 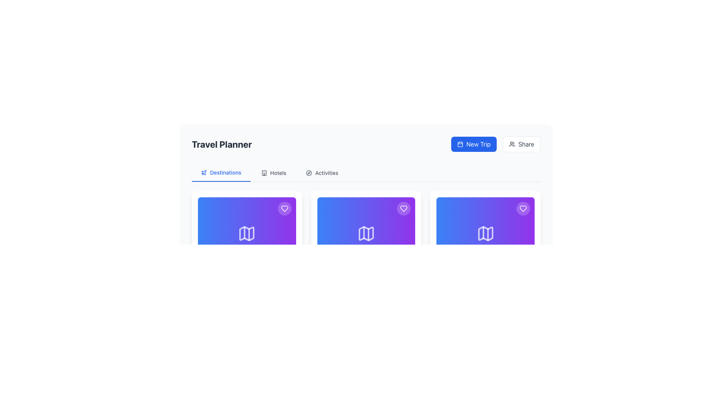 I want to click on the 'Activities' hyperlink with a compass icon in the navigation menu, so click(x=322, y=173).